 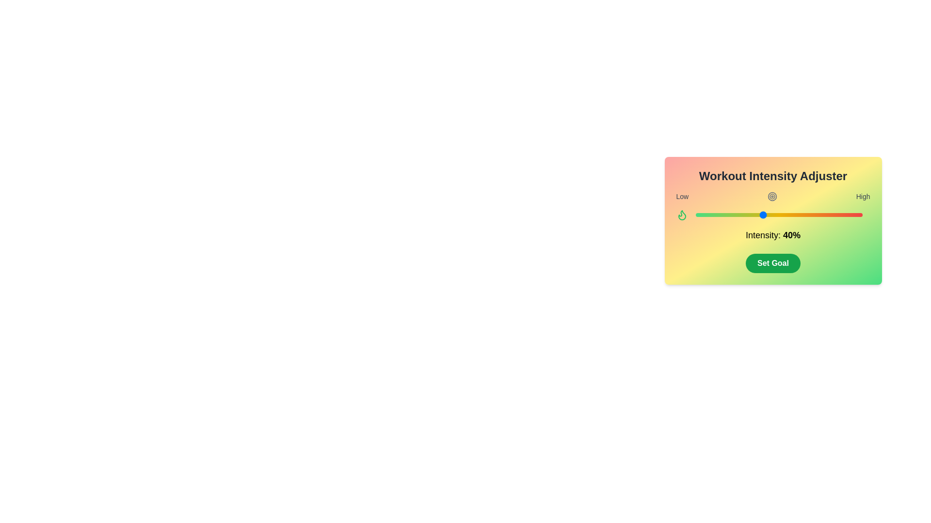 What do you see at coordinates (772, 263) in the screenshot?
I see `'Set Goal' button to confirm the current intensity` at bounding box center [772, 263].